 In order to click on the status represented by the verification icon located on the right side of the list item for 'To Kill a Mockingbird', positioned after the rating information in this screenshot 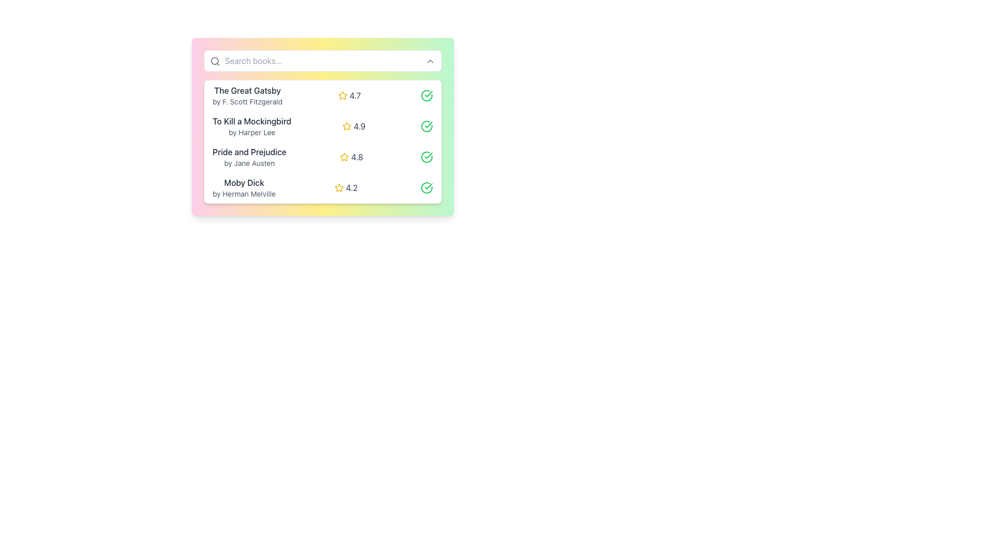, I will do `click(426, 125)`.